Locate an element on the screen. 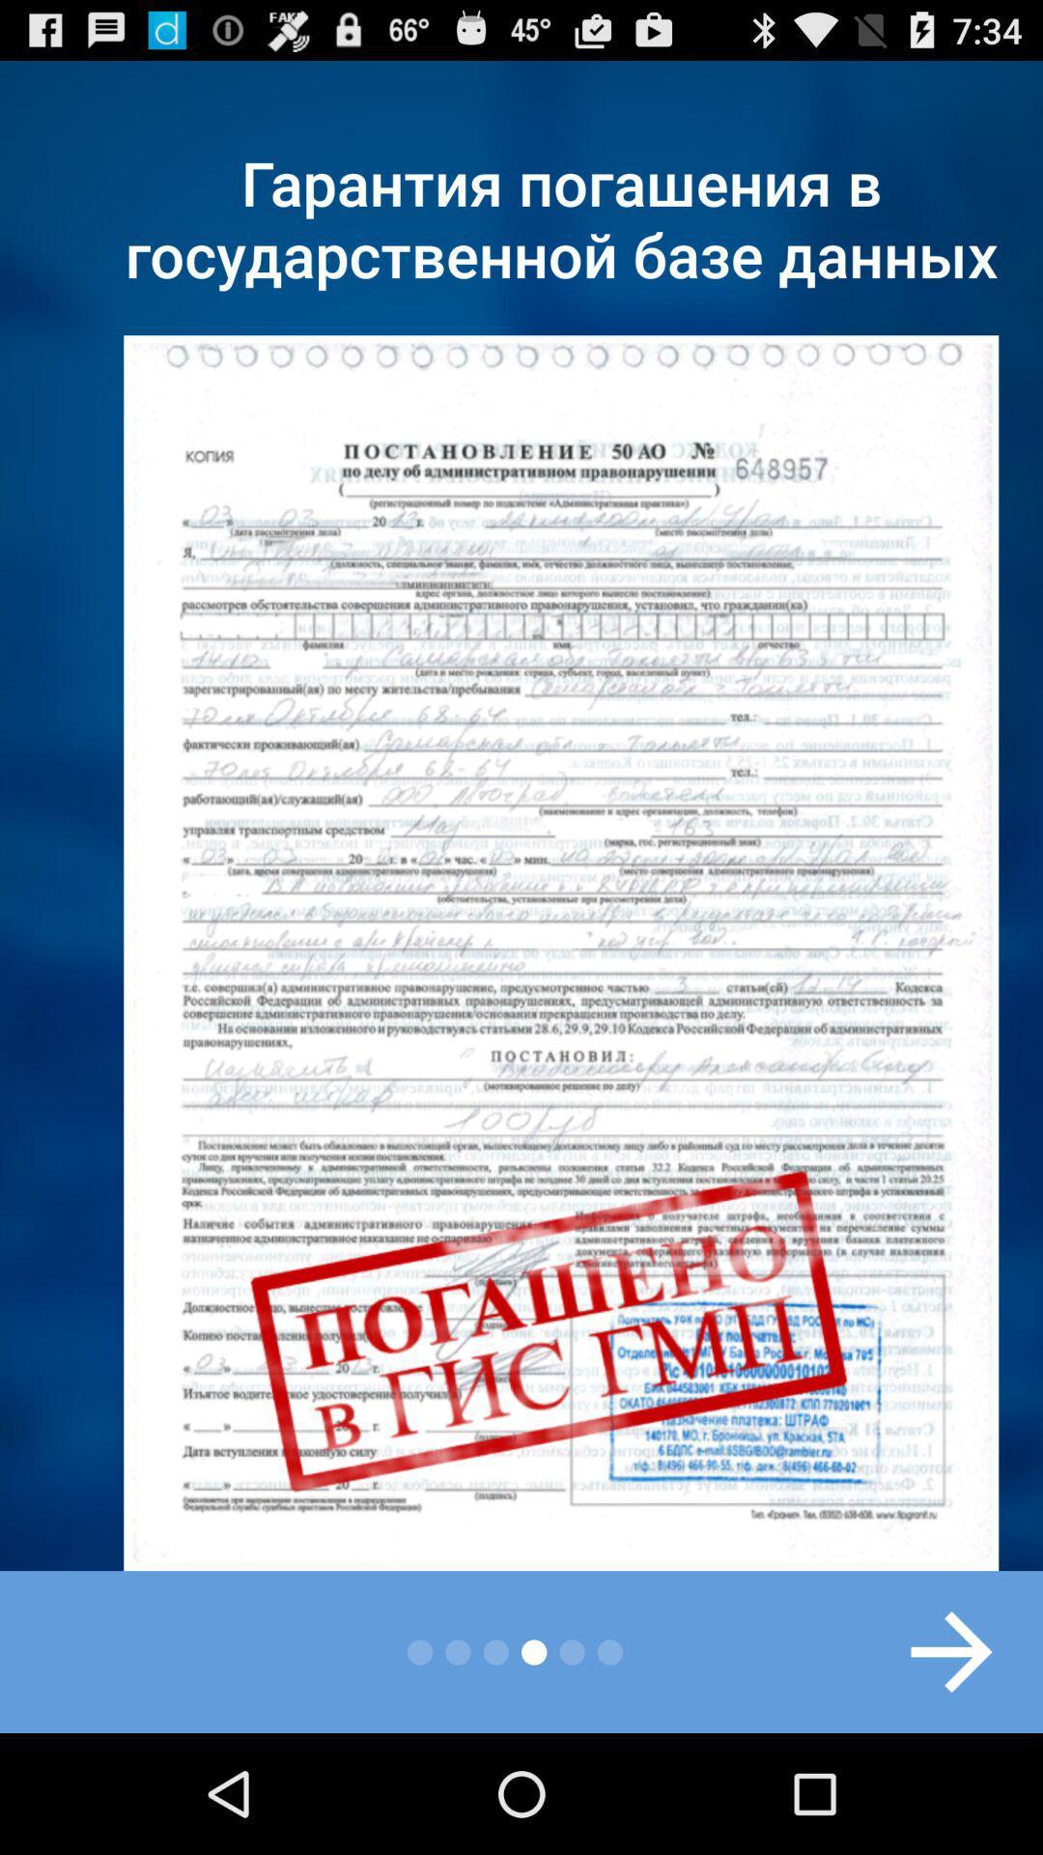 The width and height of the screenshot is (1043, 1855). the item at the bottom right corner is located at coordinates (930, 1650).